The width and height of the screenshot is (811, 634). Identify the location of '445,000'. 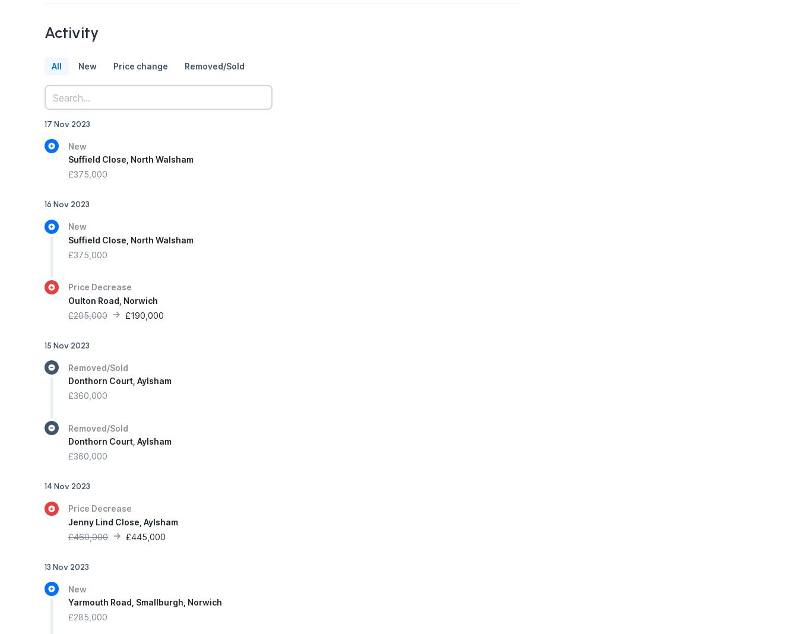
(148, 535).